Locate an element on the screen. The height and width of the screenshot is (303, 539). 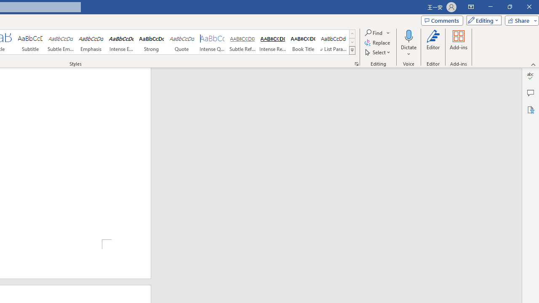
'Subtitle' is located at coordinates (30, 42).